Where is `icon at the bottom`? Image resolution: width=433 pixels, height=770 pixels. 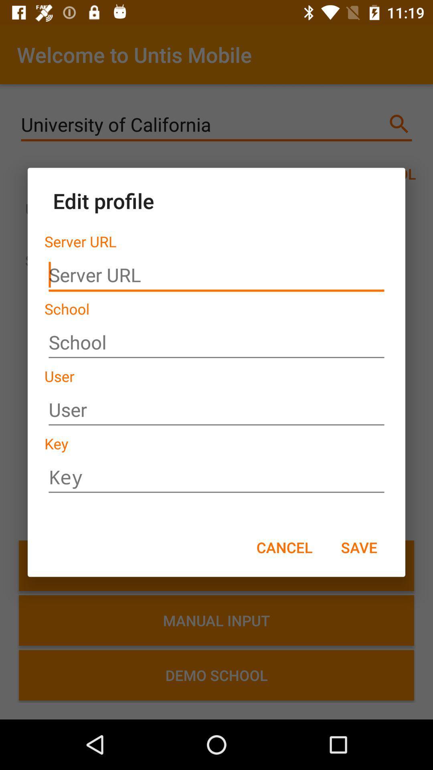
icon at the bottom is located at coordinates (284, 547).